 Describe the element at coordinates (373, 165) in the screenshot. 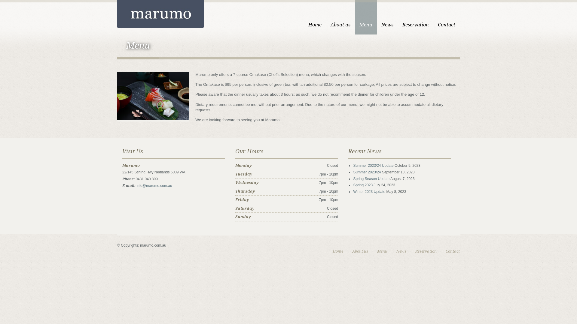

I see `'Summer 2023/24 Update'` at that location.